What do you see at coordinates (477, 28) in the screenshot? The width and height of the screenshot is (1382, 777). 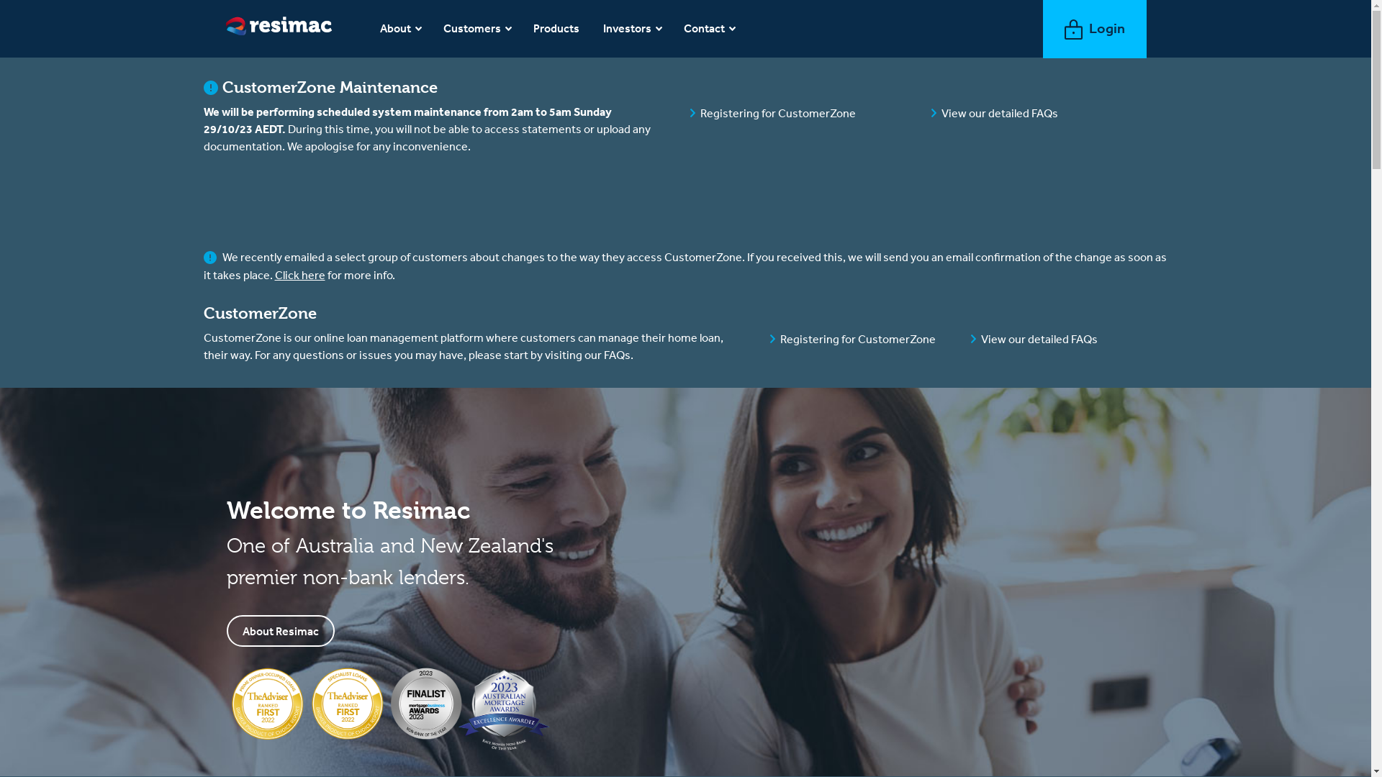 I see `'Customers'` at bounding box center [477, 28].